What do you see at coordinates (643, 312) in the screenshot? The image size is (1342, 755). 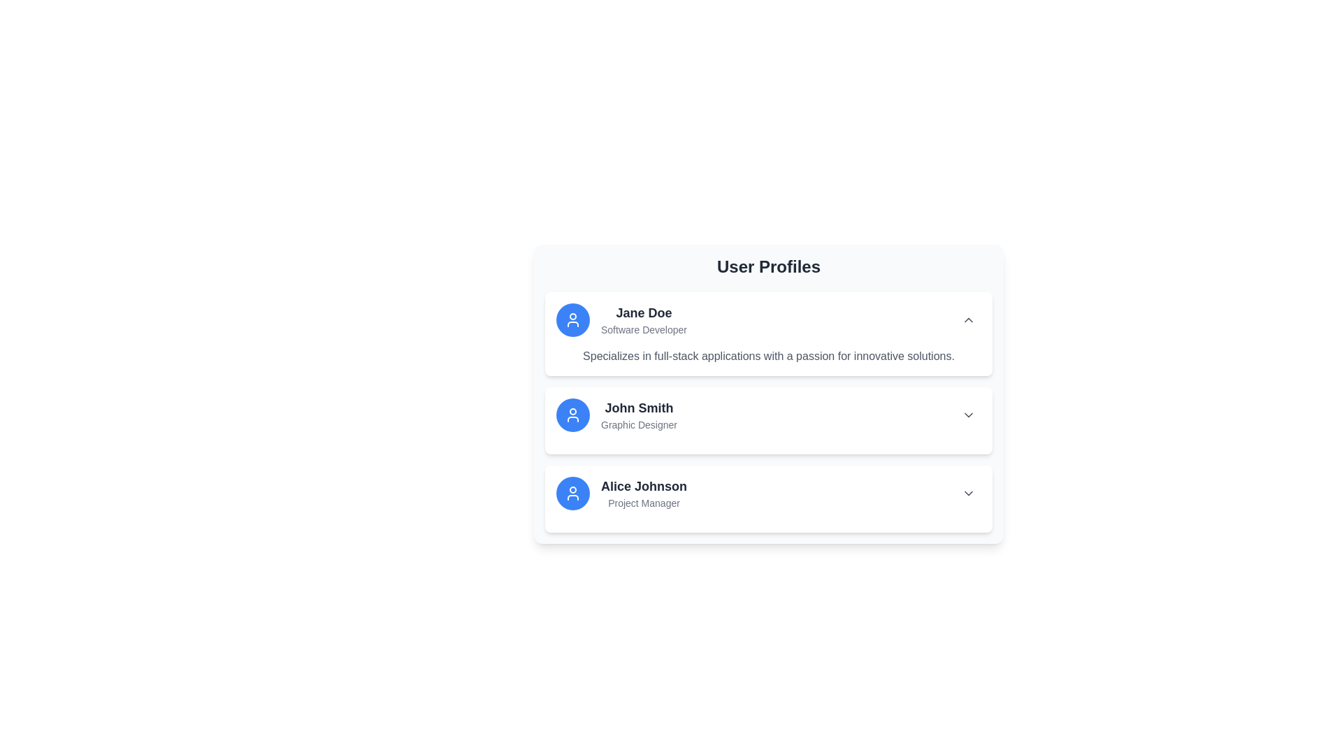 I see `the text label displaying the user's name 'Jane Doe' in the first user profile card` at bounding box center [643, 312].